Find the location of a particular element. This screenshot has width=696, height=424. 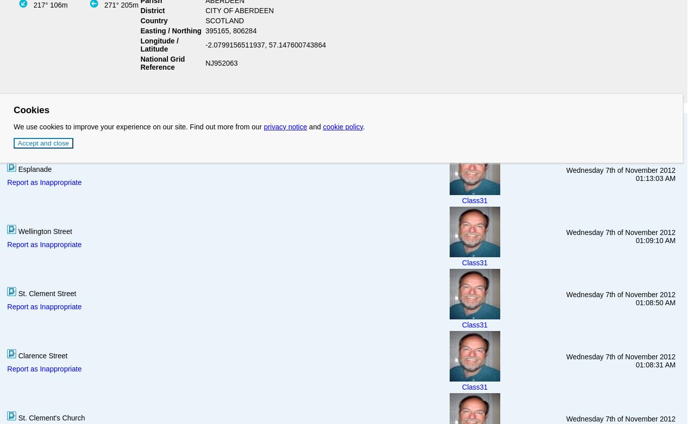

'St. Clement Street' is located at coordinates (16, 293).